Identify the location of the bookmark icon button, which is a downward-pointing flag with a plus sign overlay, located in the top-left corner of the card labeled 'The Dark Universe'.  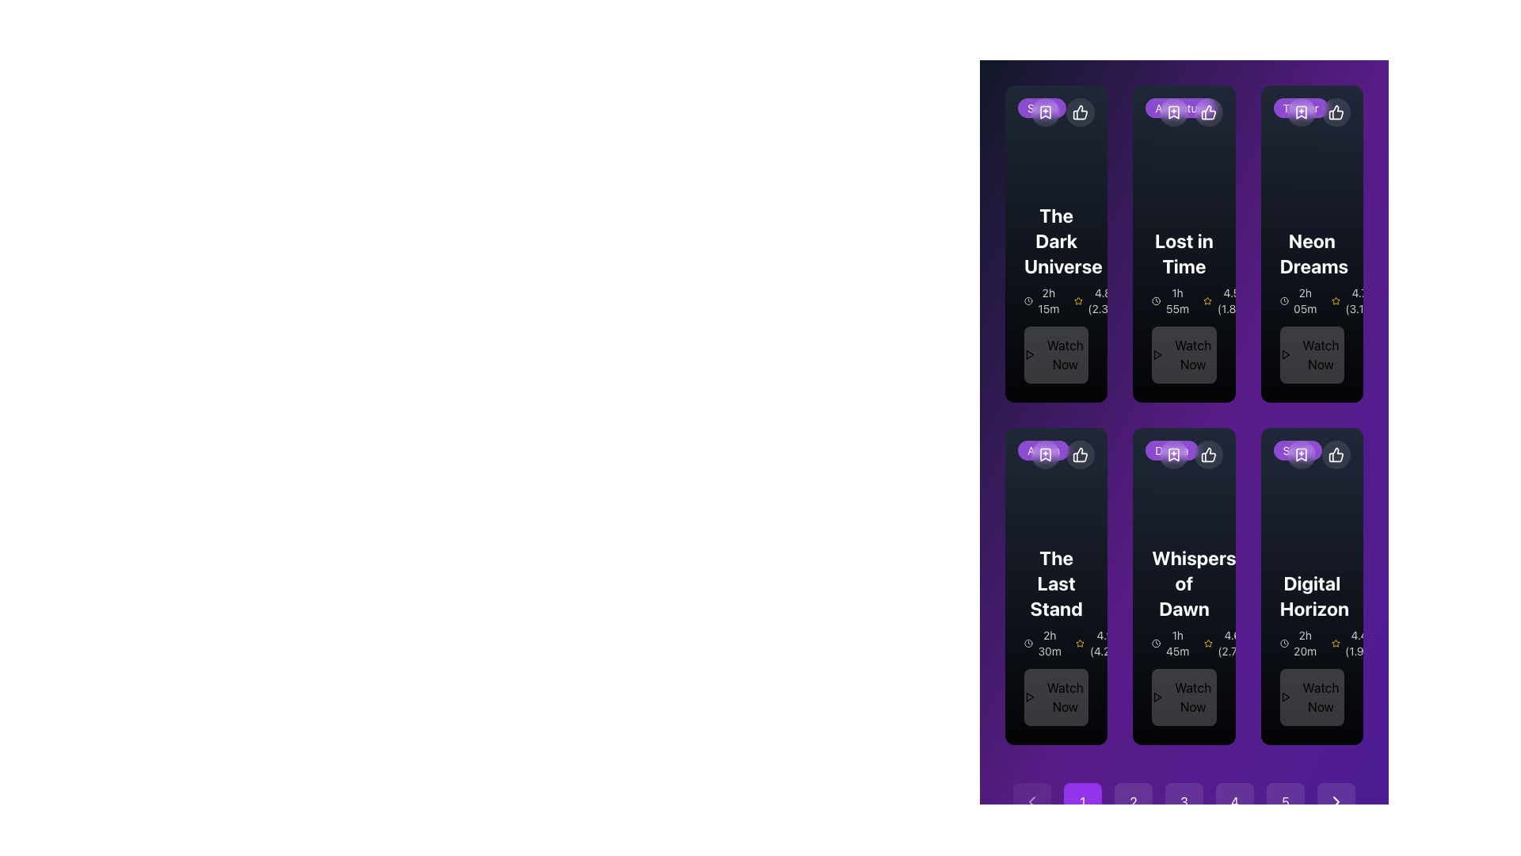
(1046, 112).